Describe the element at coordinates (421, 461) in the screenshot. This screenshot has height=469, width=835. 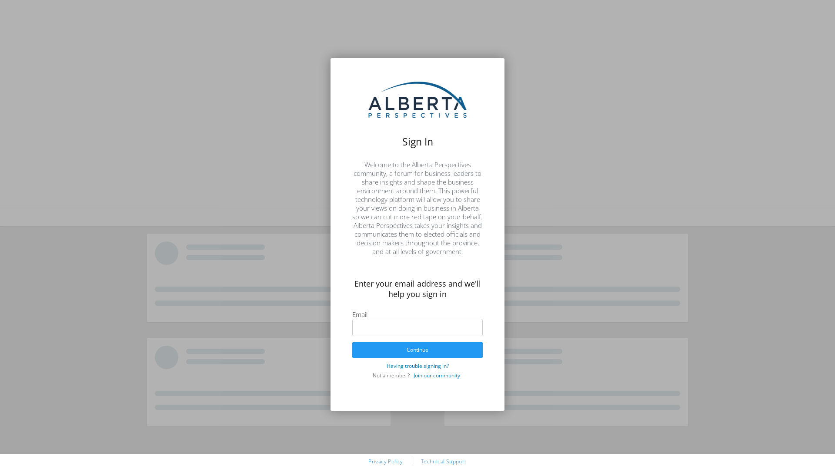
I see `'Technical Support'` at that location.